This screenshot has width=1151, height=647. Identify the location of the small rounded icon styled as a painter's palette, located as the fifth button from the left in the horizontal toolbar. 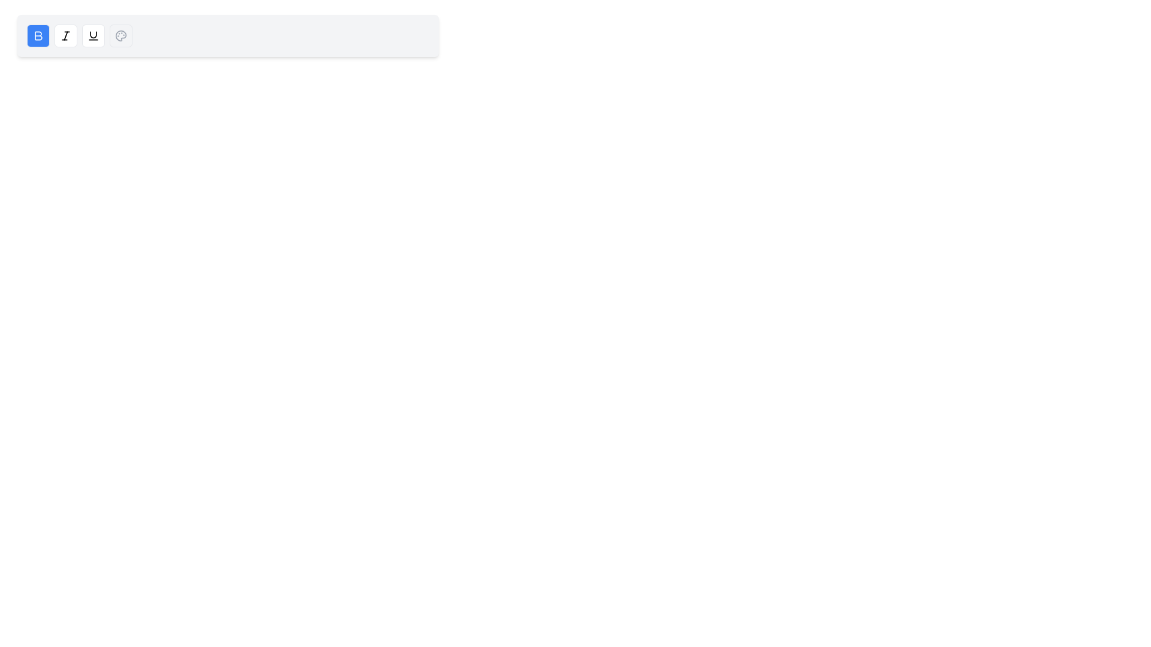
(120, 35).